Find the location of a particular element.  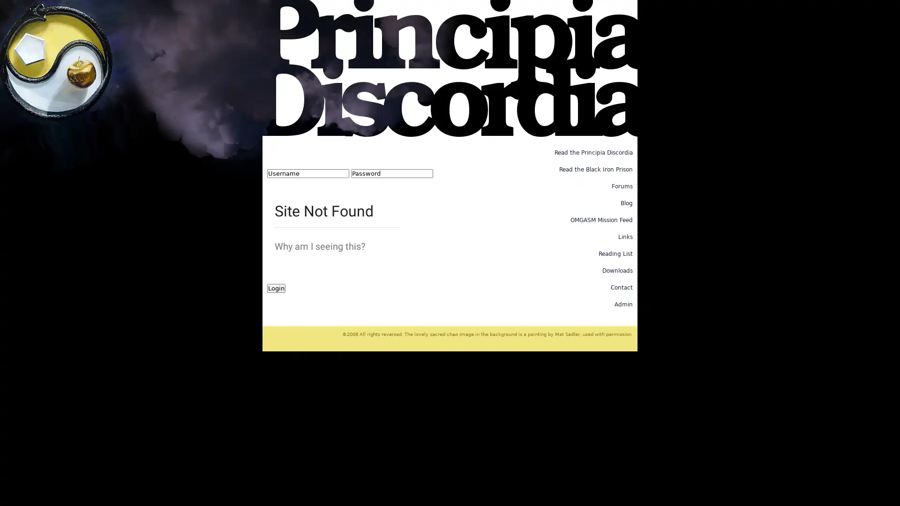

Login is located at coordinates (276, 288).